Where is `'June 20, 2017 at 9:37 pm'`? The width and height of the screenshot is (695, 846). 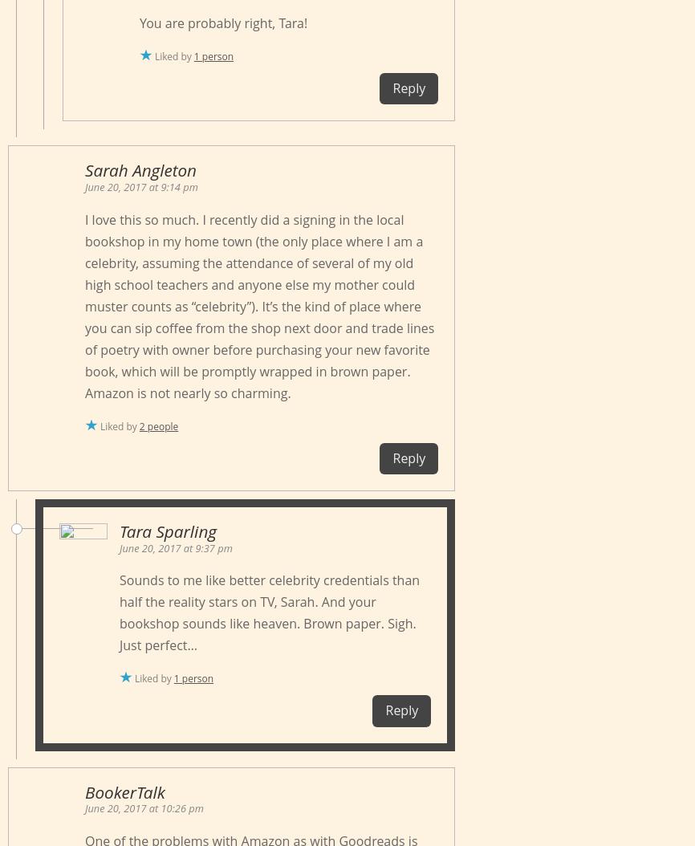 'June 20, 2017 at 9:37 pm' is located at coordinates (175, 547).